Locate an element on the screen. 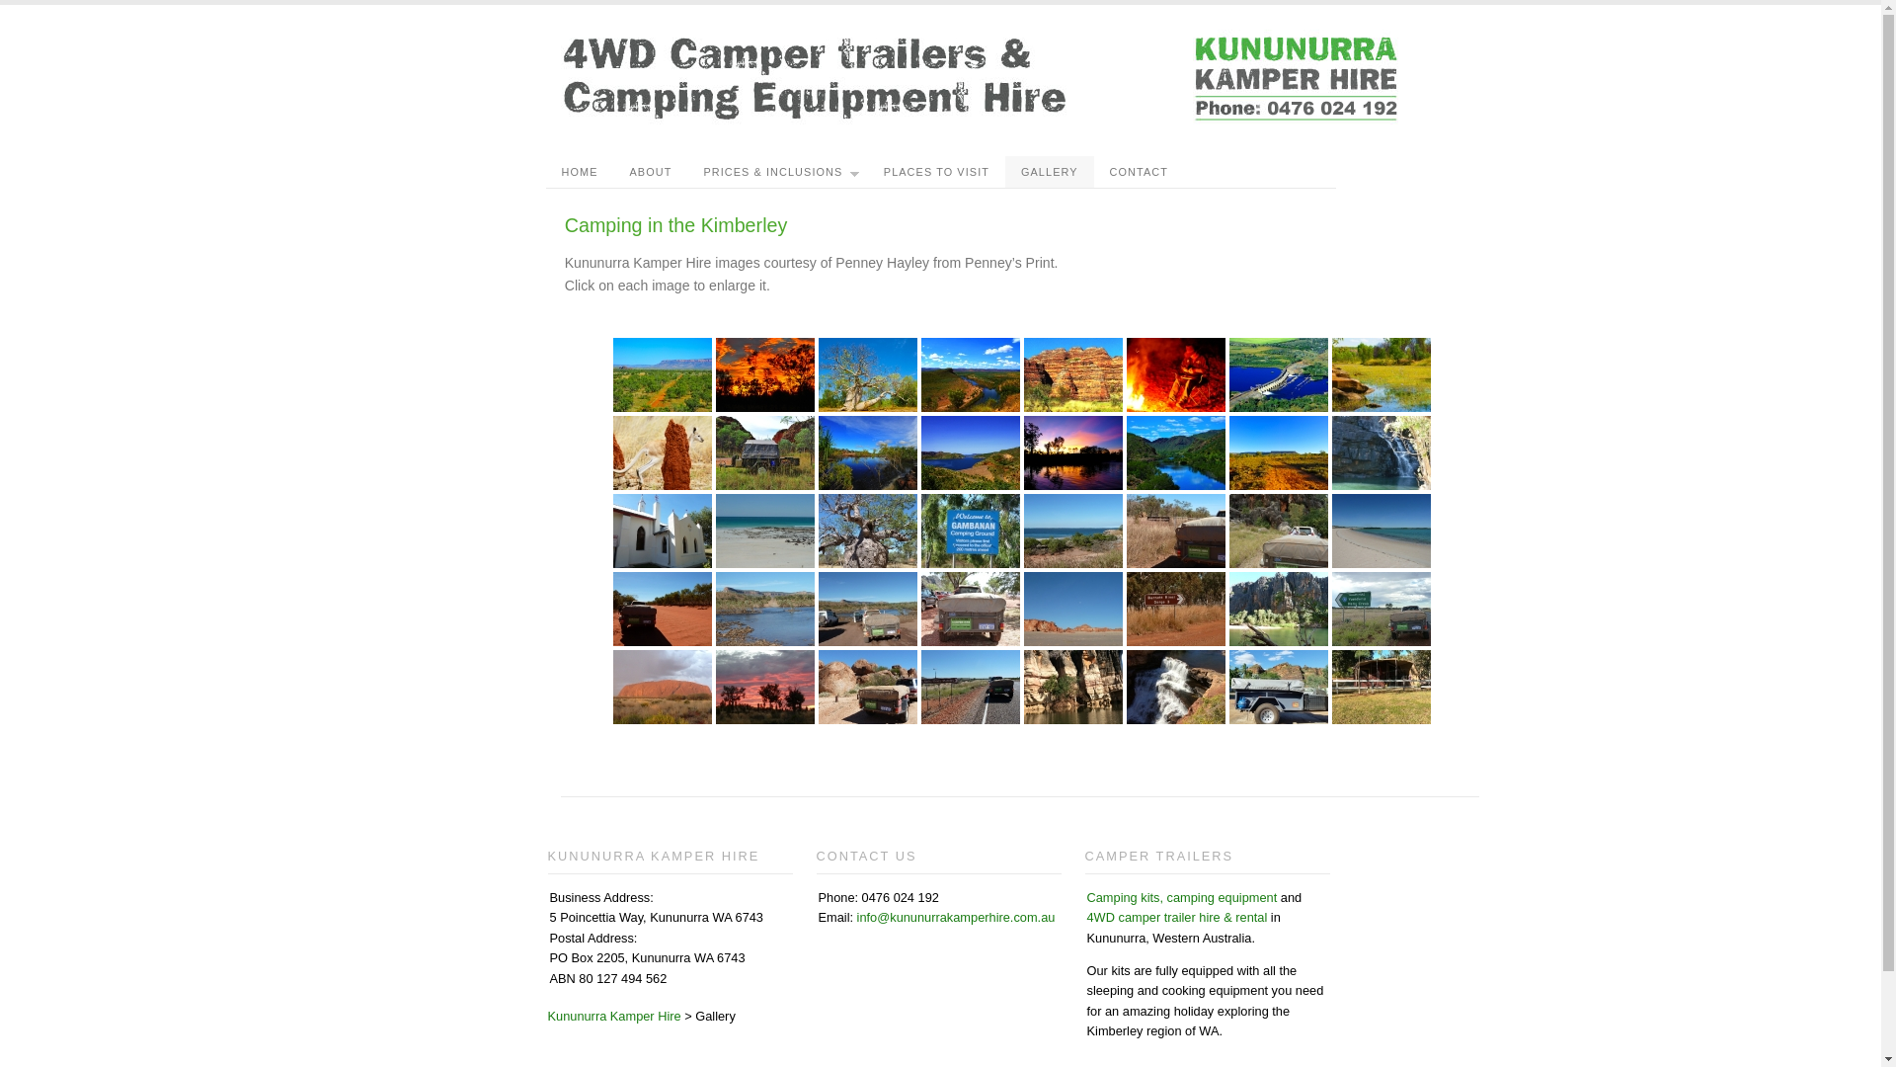  'GALLERY' is located at coordinates (1048, 170).